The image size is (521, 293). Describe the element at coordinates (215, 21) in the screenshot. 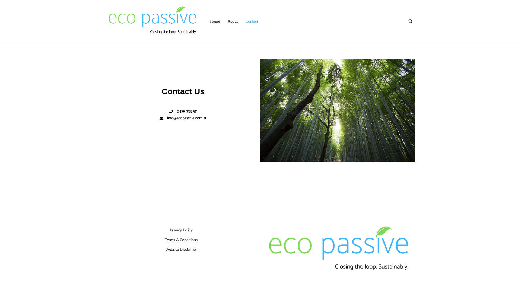

I see `'Home'` at that location.